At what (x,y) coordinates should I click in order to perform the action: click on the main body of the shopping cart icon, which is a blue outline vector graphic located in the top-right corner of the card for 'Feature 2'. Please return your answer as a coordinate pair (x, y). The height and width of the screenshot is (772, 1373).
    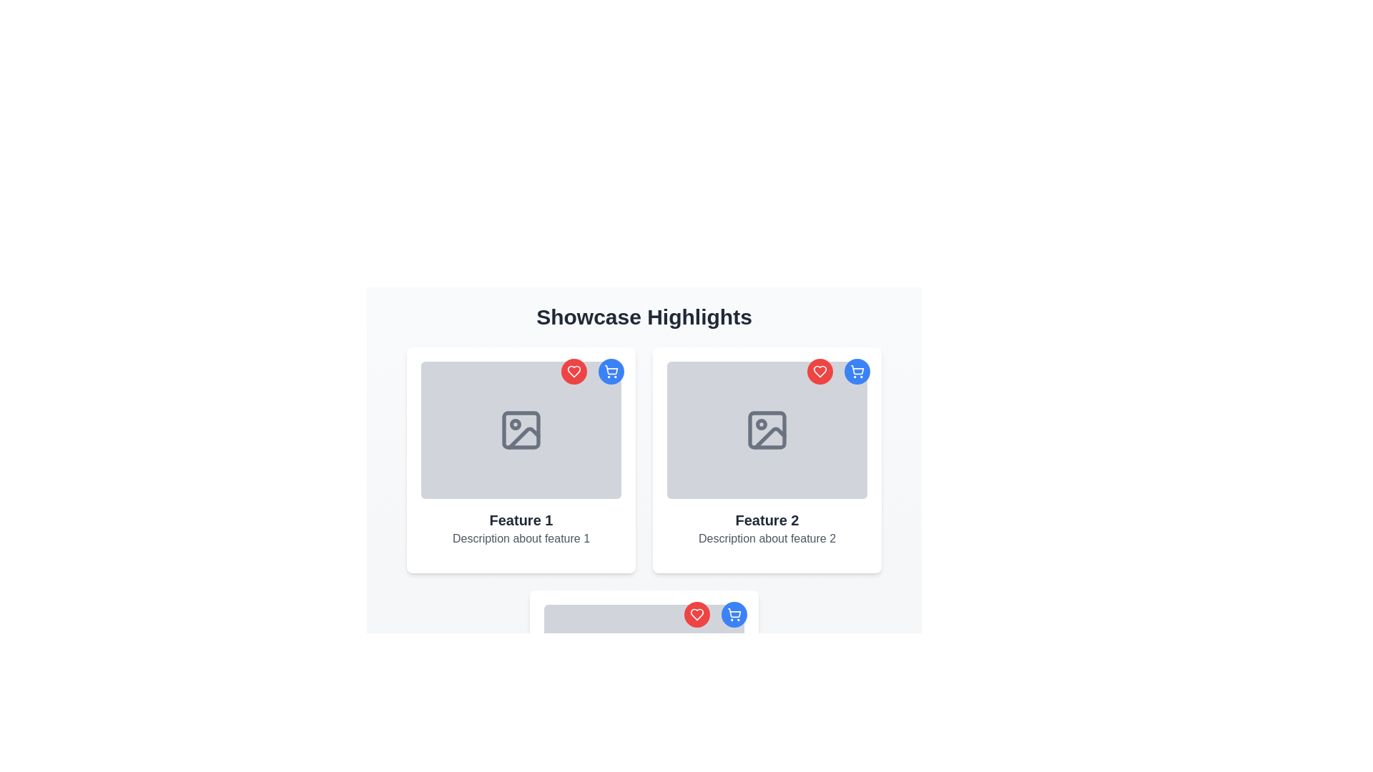
    Looking at the image, I should click on (611, 369).